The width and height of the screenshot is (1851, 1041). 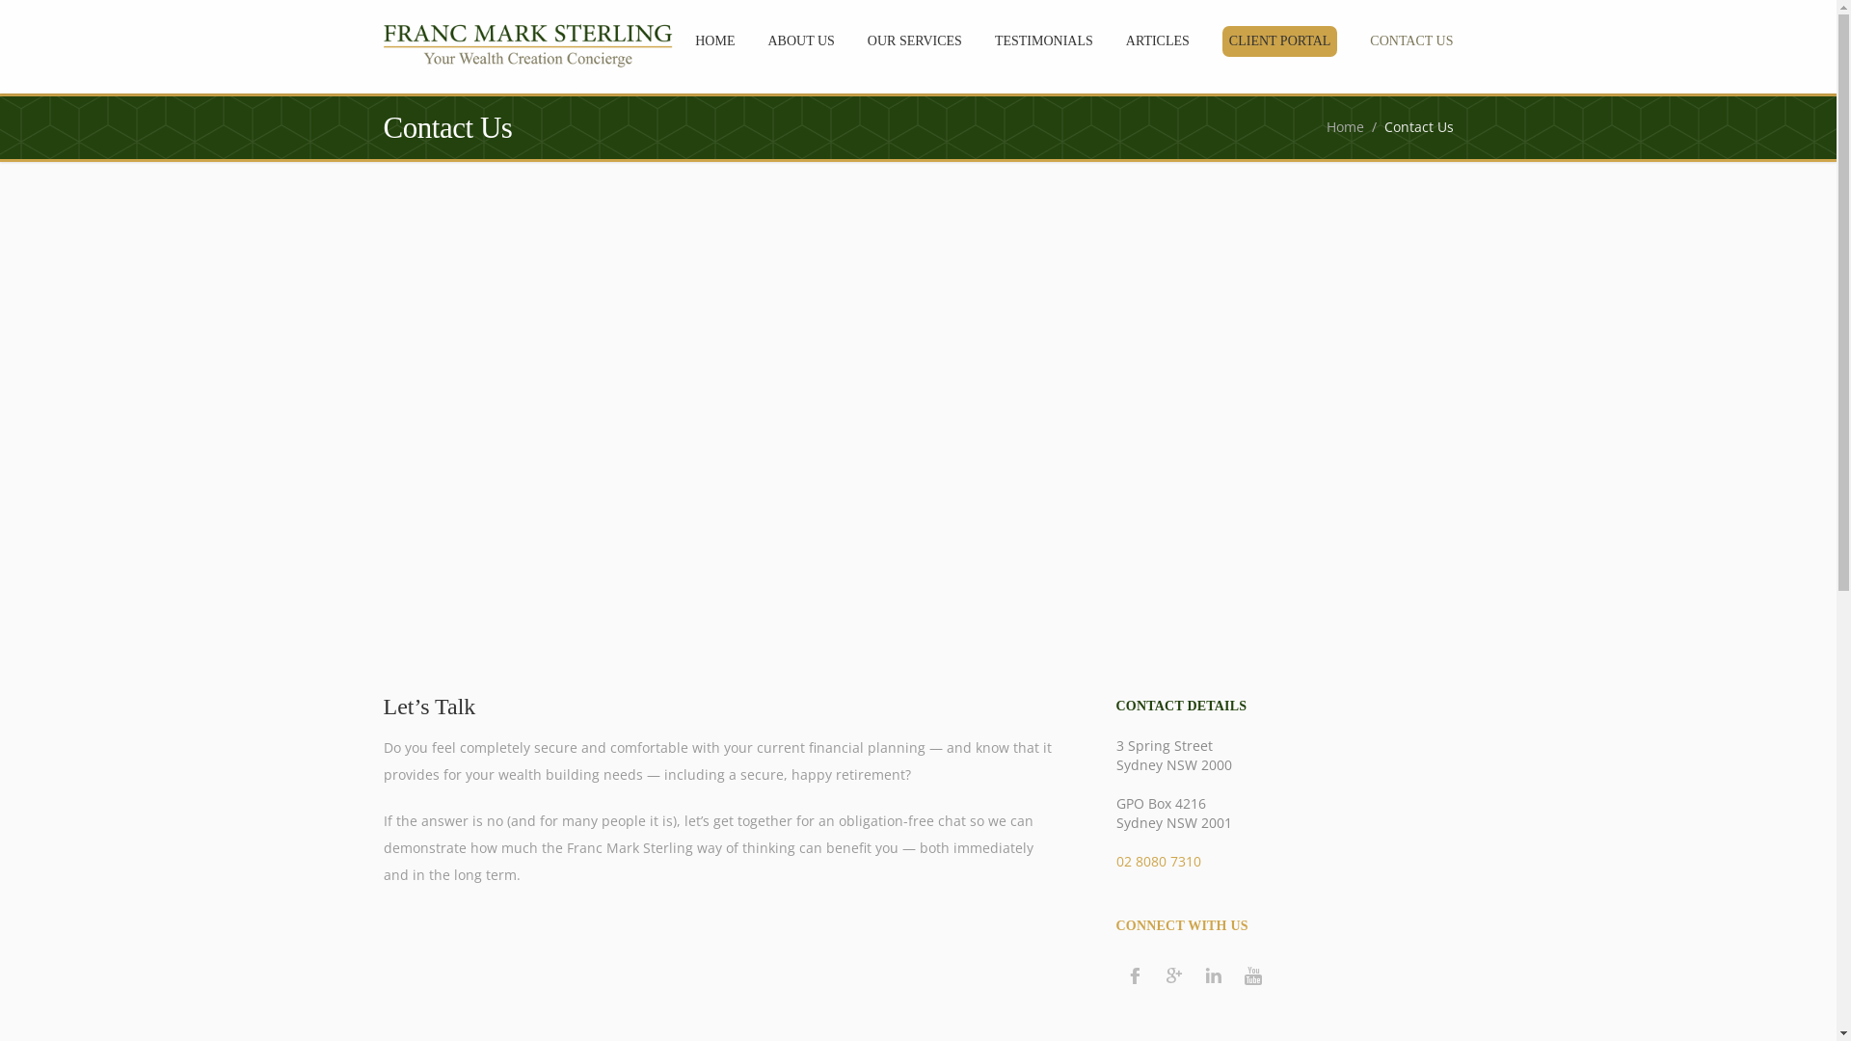 What do you see at coordinates (1134, 974) in the screenshot?
I see `'Facebook'` at bounding box center [1134, 974].